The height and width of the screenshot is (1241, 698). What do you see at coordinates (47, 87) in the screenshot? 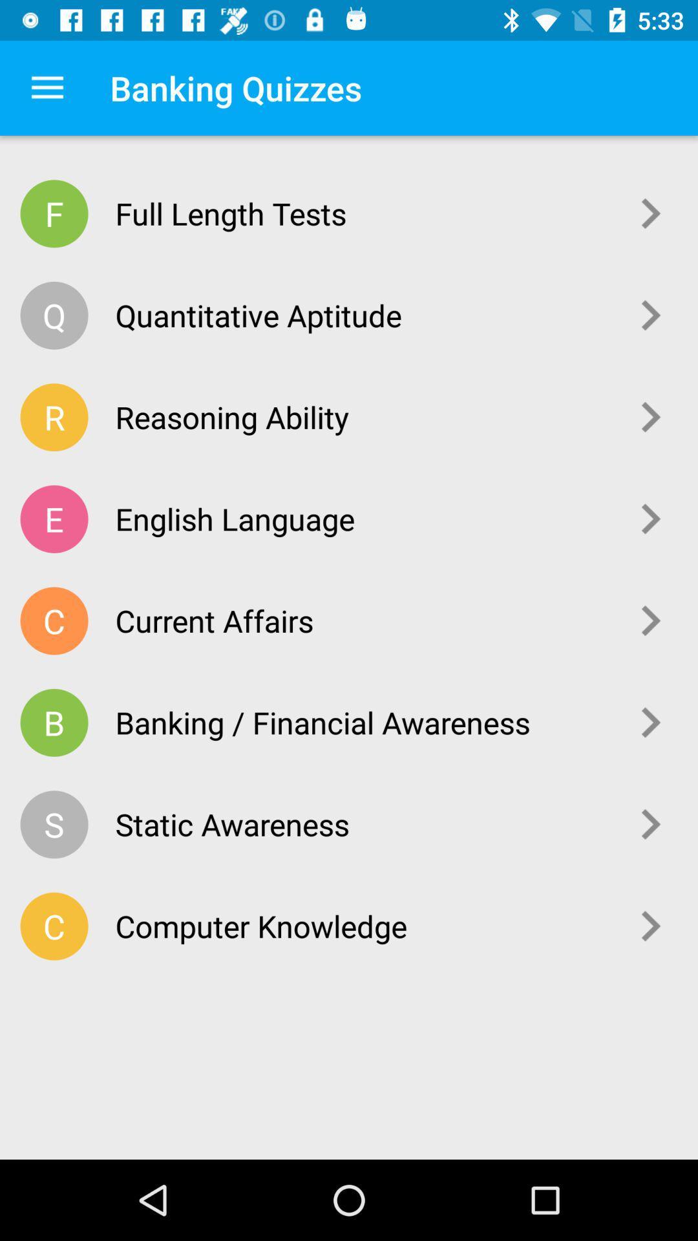
I see `the item next to  banking quizzes  icon` at bounding box center [47, 87].